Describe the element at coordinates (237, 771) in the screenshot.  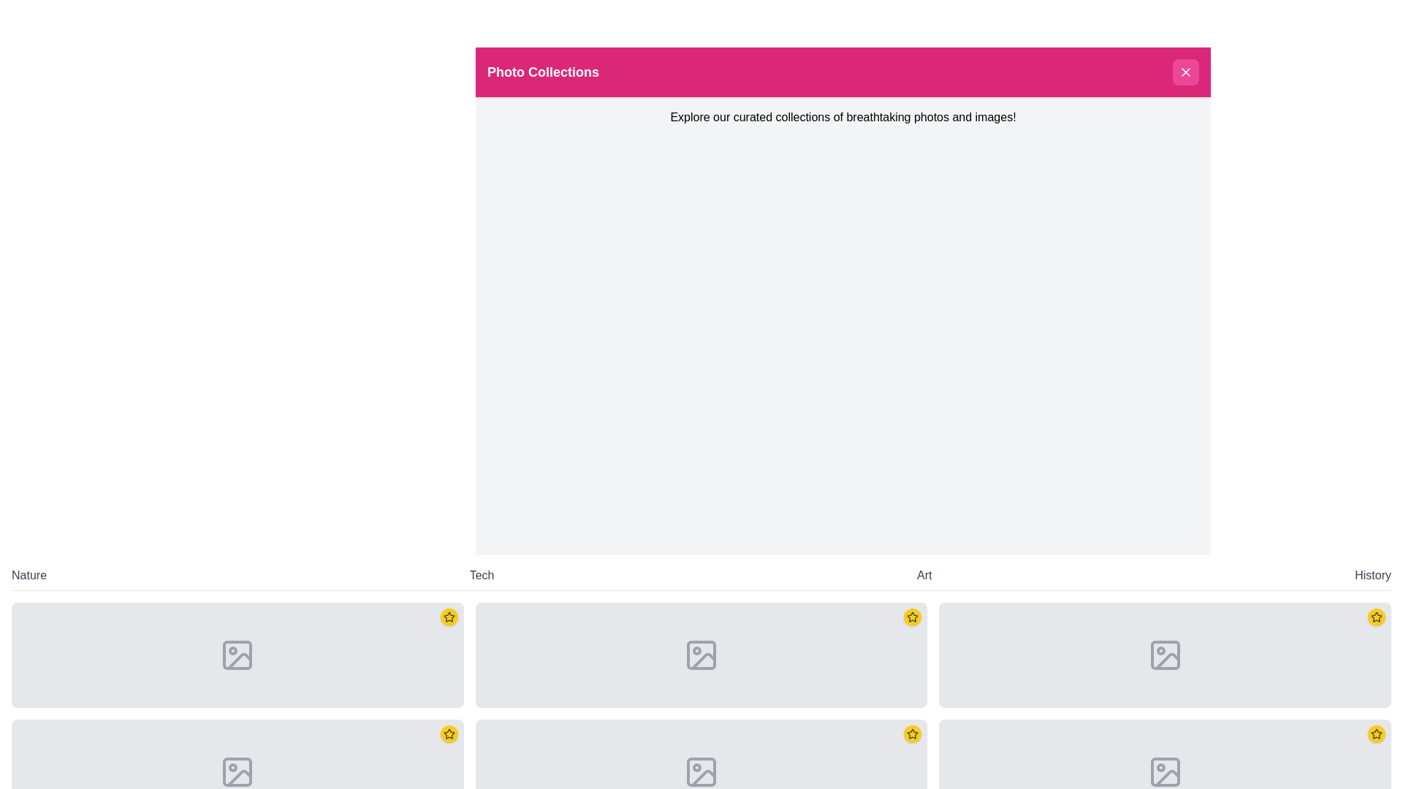
I see `the second icon in the grid layout below the label 'Nature'` at that location.